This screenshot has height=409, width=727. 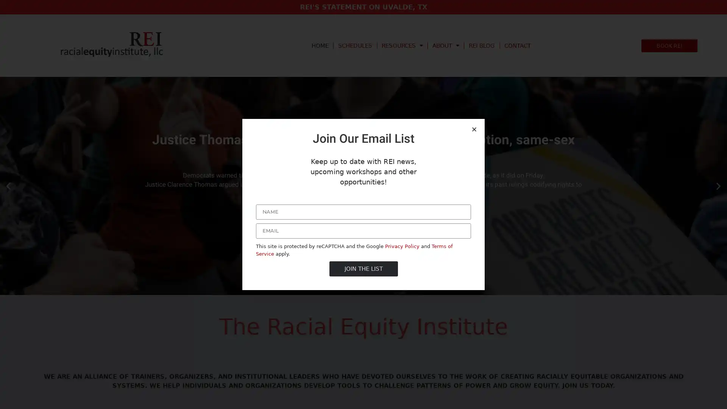 What do you see at coordinates (356, 289) in the screenshot?
I see `Go to slide 1` at bounding box center [356, 289].